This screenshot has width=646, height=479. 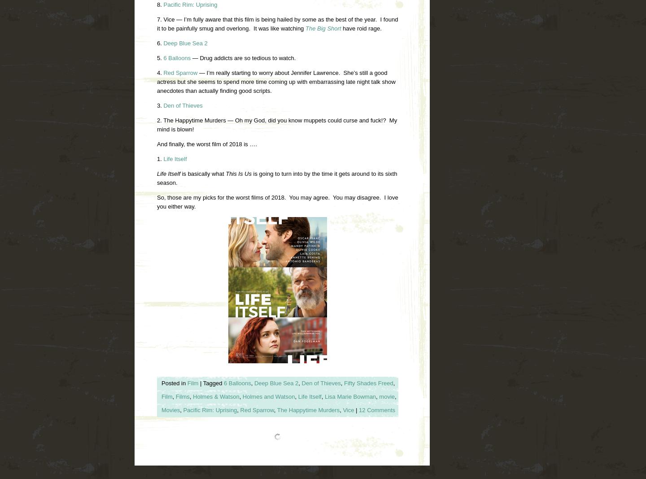 I want to click on 'The Happytime Murders', so click(x=308, y=409).